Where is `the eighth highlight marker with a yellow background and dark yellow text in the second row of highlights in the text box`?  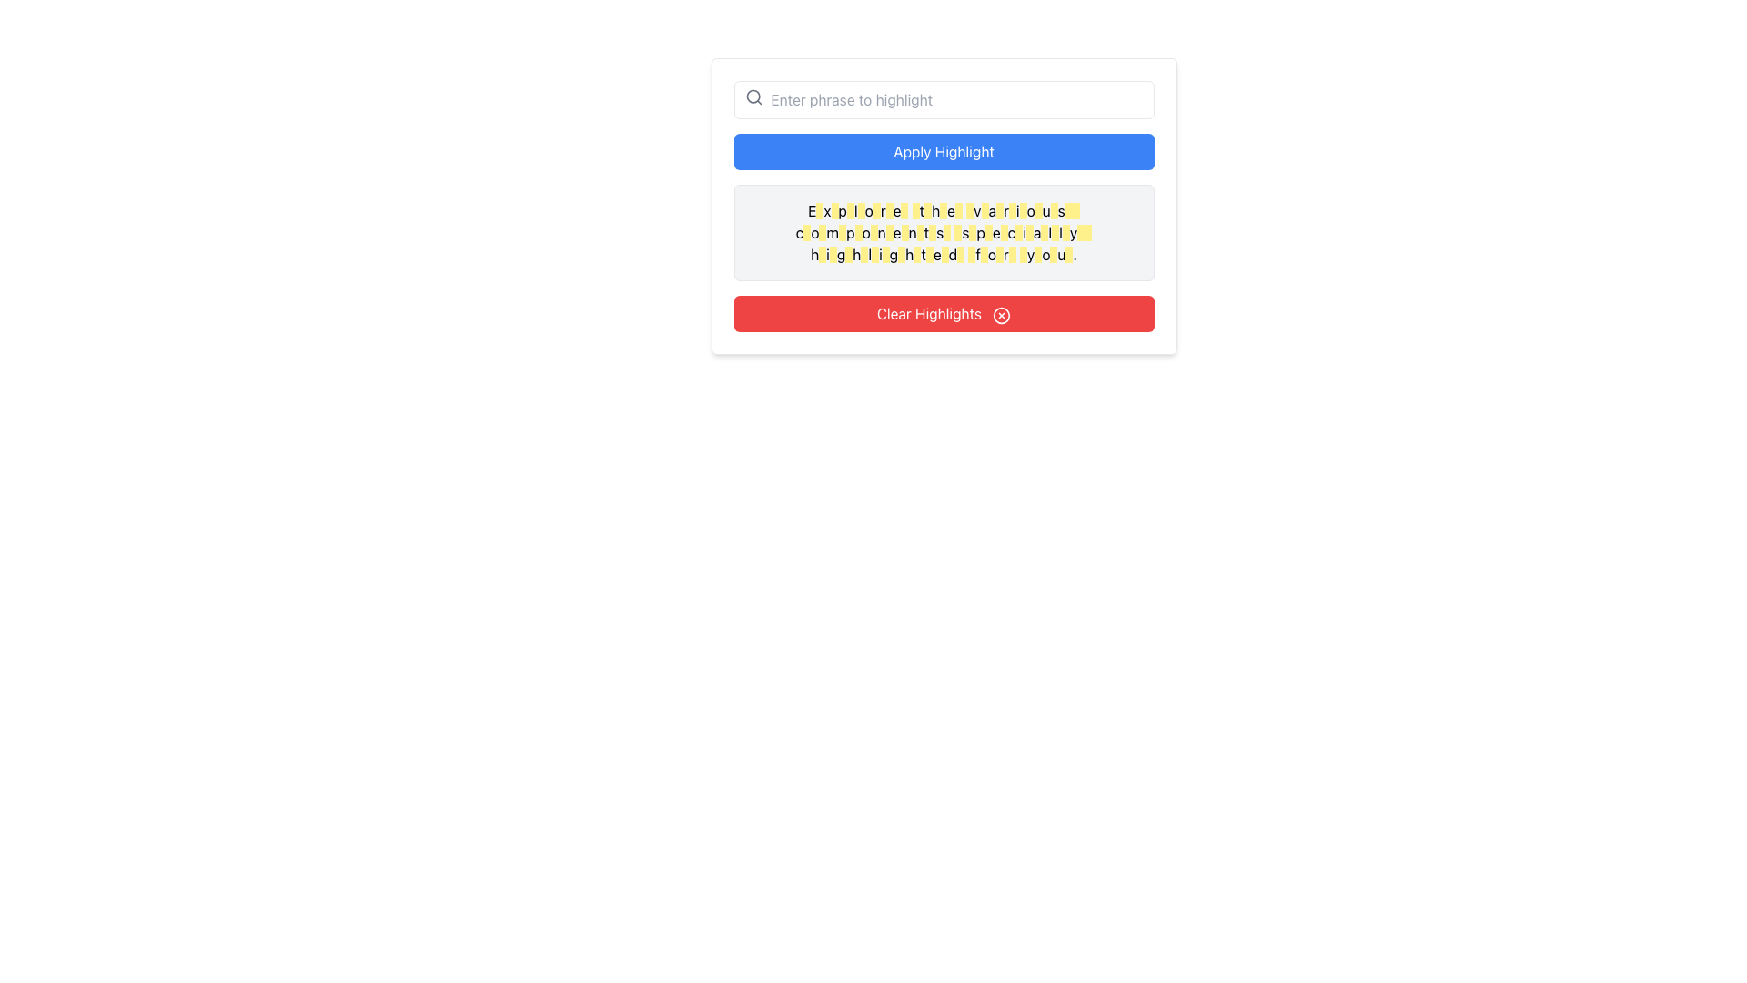 the eighth highlight marker with a yellow background and dark yellow text in the second row of highlights in the text box is located at coordinates (920, 231).